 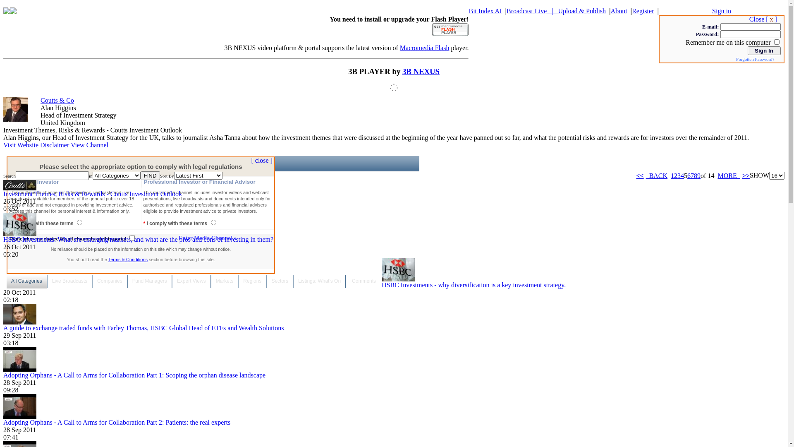 I want to click on 'Regions', so click(x=251, y=281).